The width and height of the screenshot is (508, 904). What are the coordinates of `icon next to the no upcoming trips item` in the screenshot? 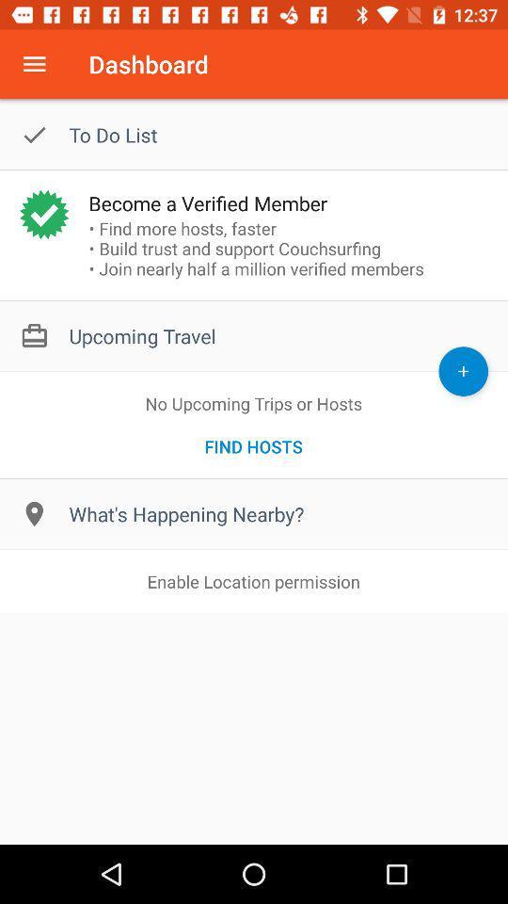 It's located at (462, 370).